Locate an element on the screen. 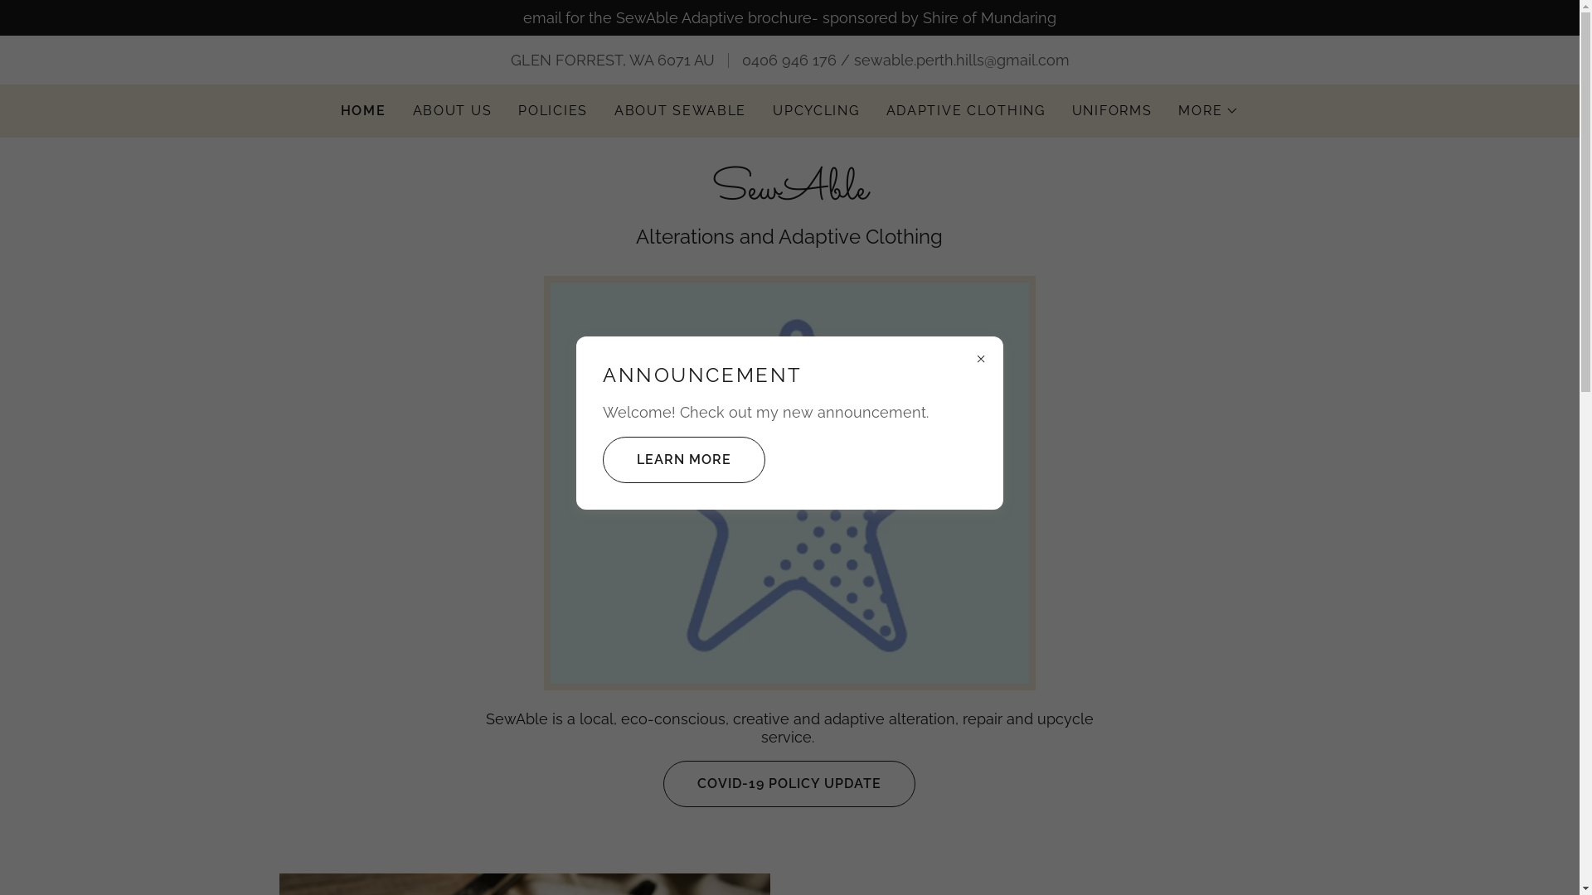 This screenshot has width=1592, height=895. 'SewAble' is located at coordinates (789, 192).